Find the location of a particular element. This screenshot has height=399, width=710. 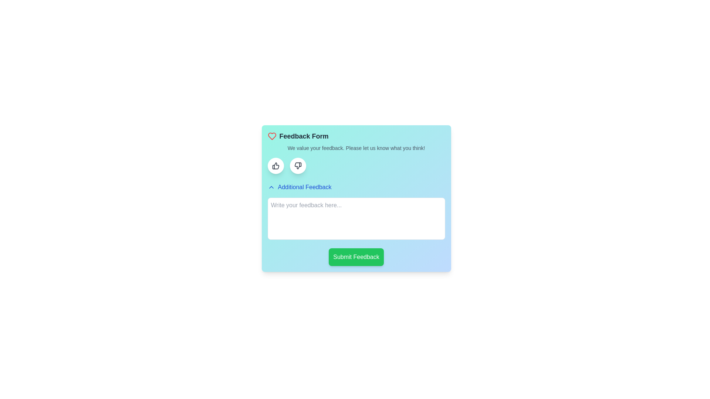

the thumbs-up button located within the 'Feedback Form' floating panel to express positive feedback is located at coordinates (275, 165).